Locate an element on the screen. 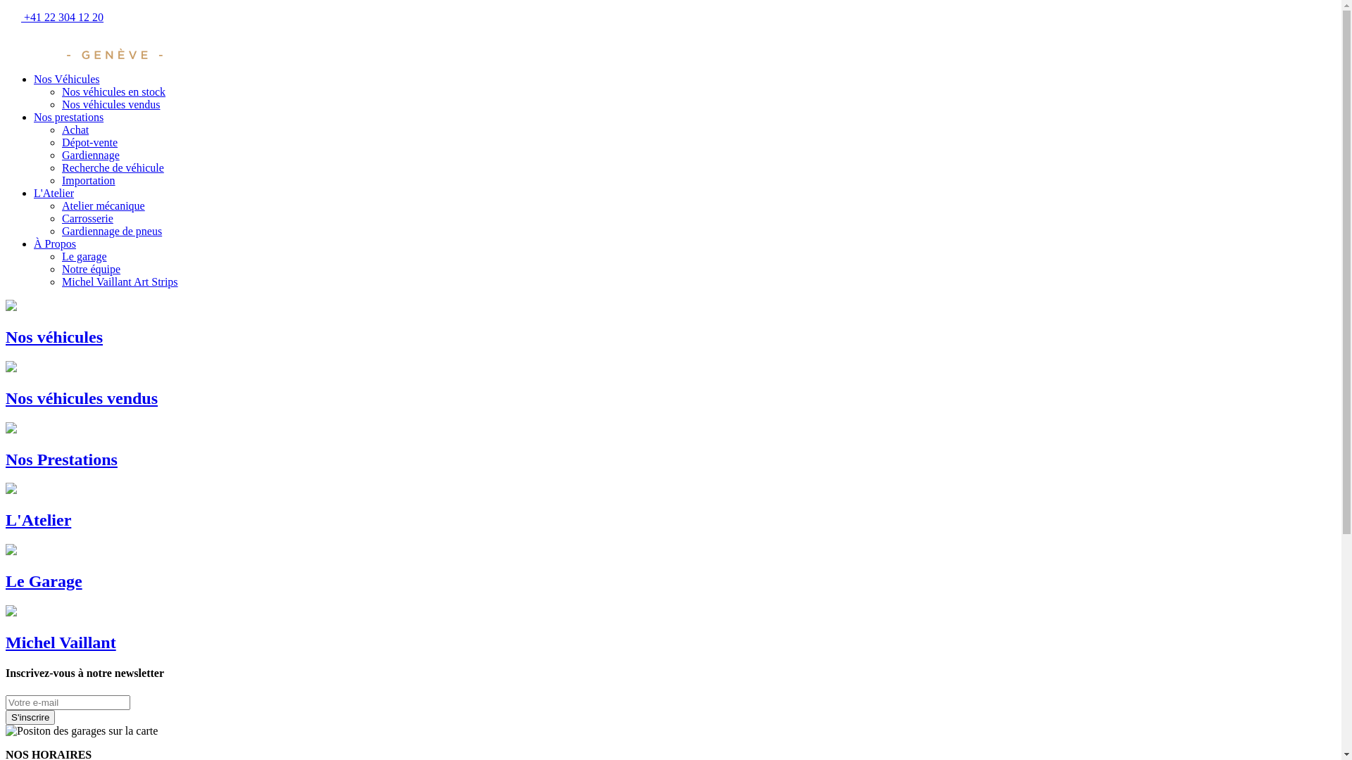 Image resolution: width=1352 pixels, height=760 pixels. 'Gardiennage' is located at coordinates (90, 155).